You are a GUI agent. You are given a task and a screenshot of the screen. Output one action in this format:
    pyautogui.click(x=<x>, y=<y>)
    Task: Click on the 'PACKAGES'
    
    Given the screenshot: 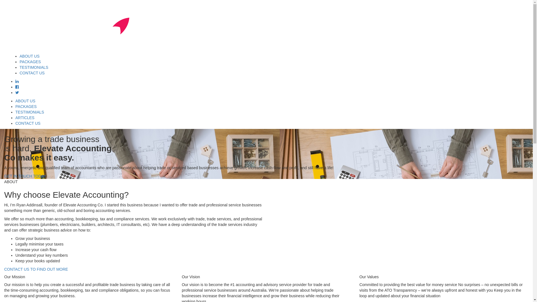 What is the action you would take?
    pyautogui.click(x=15, y=107)
    